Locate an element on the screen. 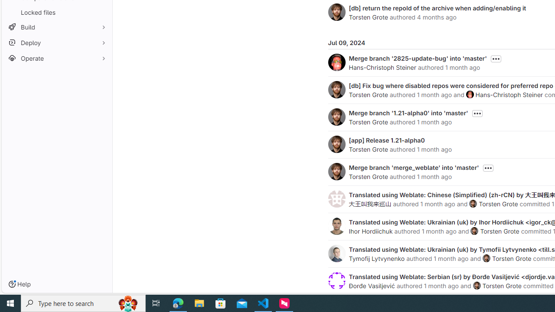 This screenshot has height=312, width=555. 'Start' is located at coordinates (10, 302).